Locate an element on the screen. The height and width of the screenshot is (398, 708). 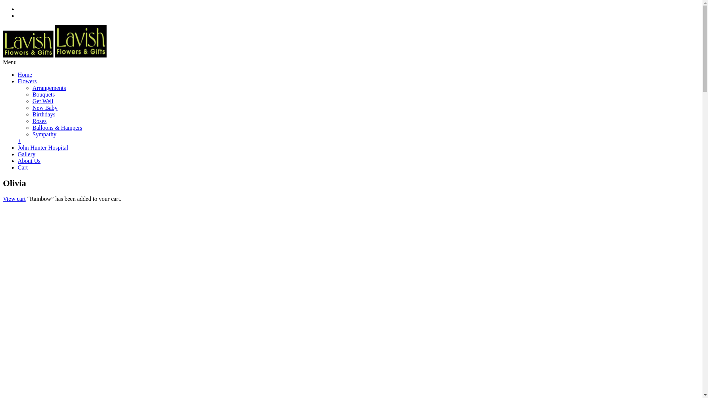
'New Baby' is located at coordinates (44, 108).